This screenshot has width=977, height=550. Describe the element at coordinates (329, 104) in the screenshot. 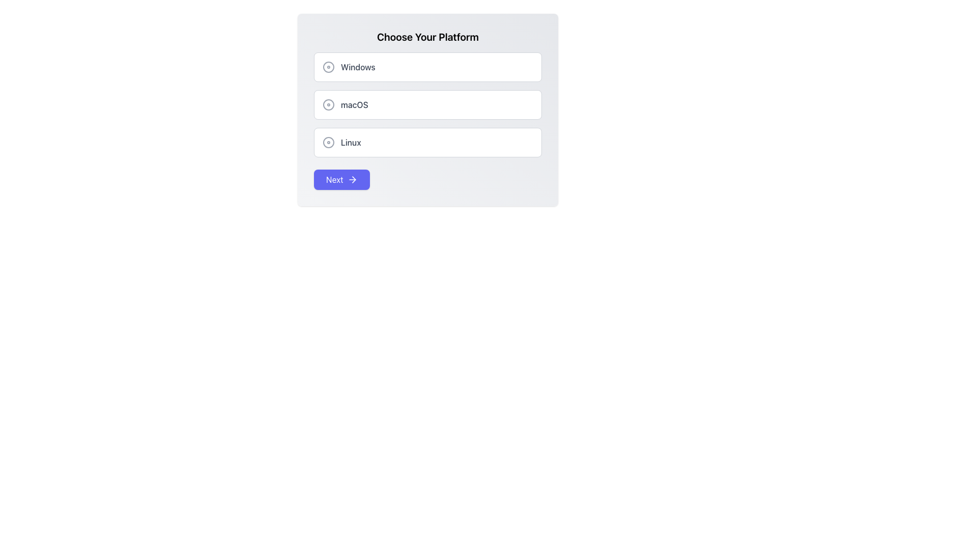

I see `the decorative icon representing 'macOS' located to the left of the text 'macOS' in the selection interface` at that location.